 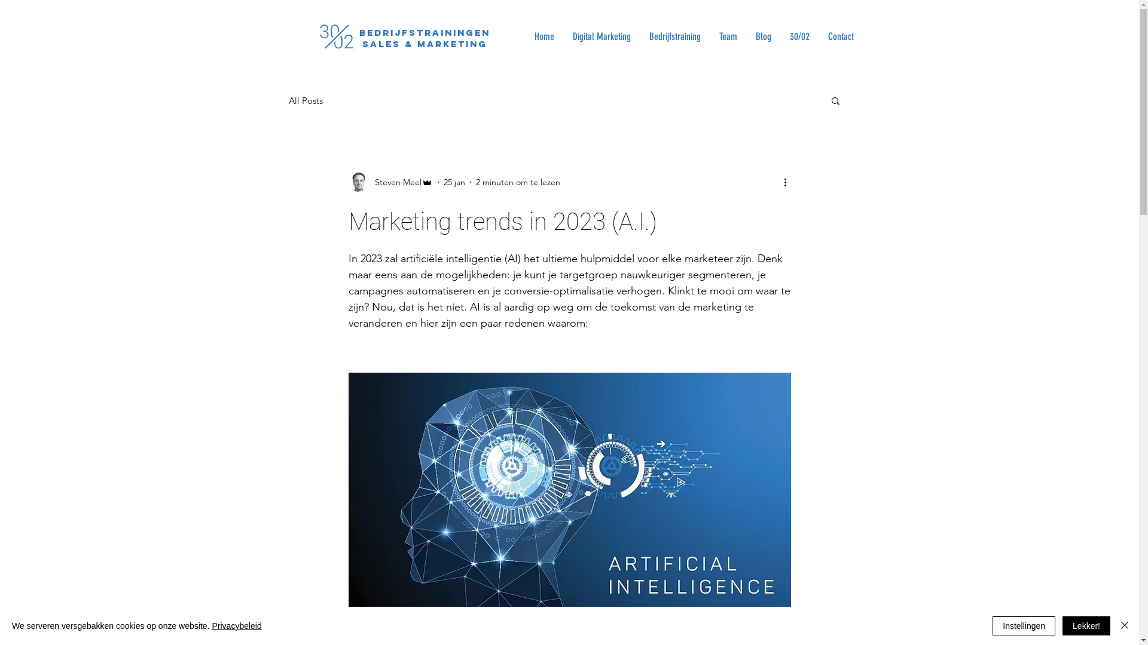 I want to click on 'Contact', so click(x=839, y=36).